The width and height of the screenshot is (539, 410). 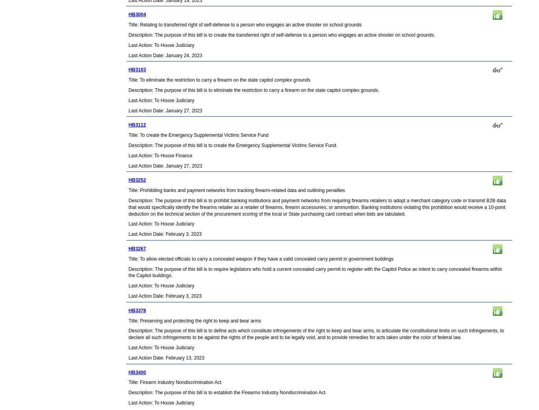 I want to click on 'HB3400', so click(x=136, y=372).